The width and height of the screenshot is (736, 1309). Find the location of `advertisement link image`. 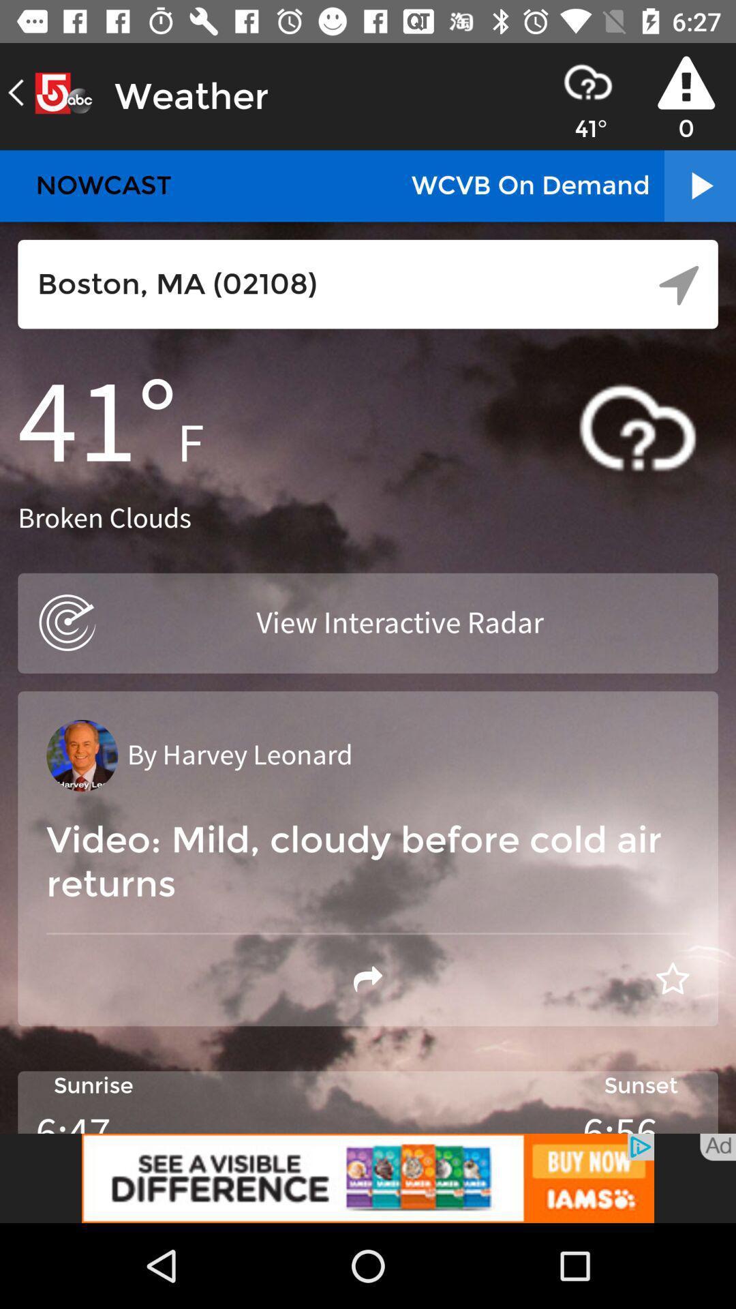

advertisement link image is located at coordinates (368, 1177).